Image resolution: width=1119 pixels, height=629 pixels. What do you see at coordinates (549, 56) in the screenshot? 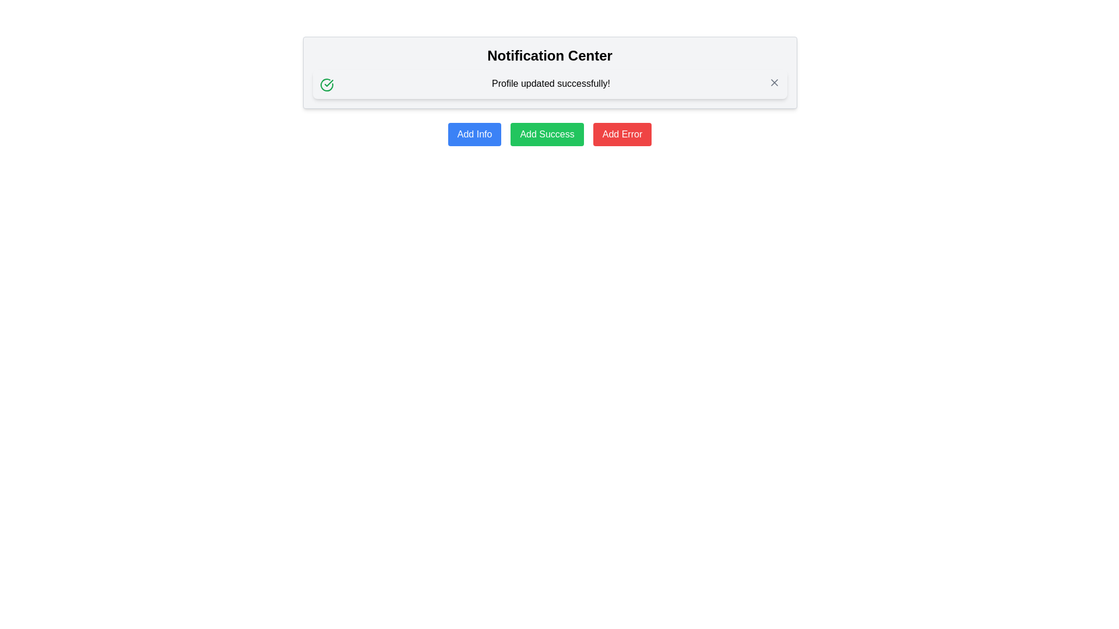
I see `the 'Notification Center' header text, which is bold and prominently displayed at the top of its section` at bounding box center [549, 56].